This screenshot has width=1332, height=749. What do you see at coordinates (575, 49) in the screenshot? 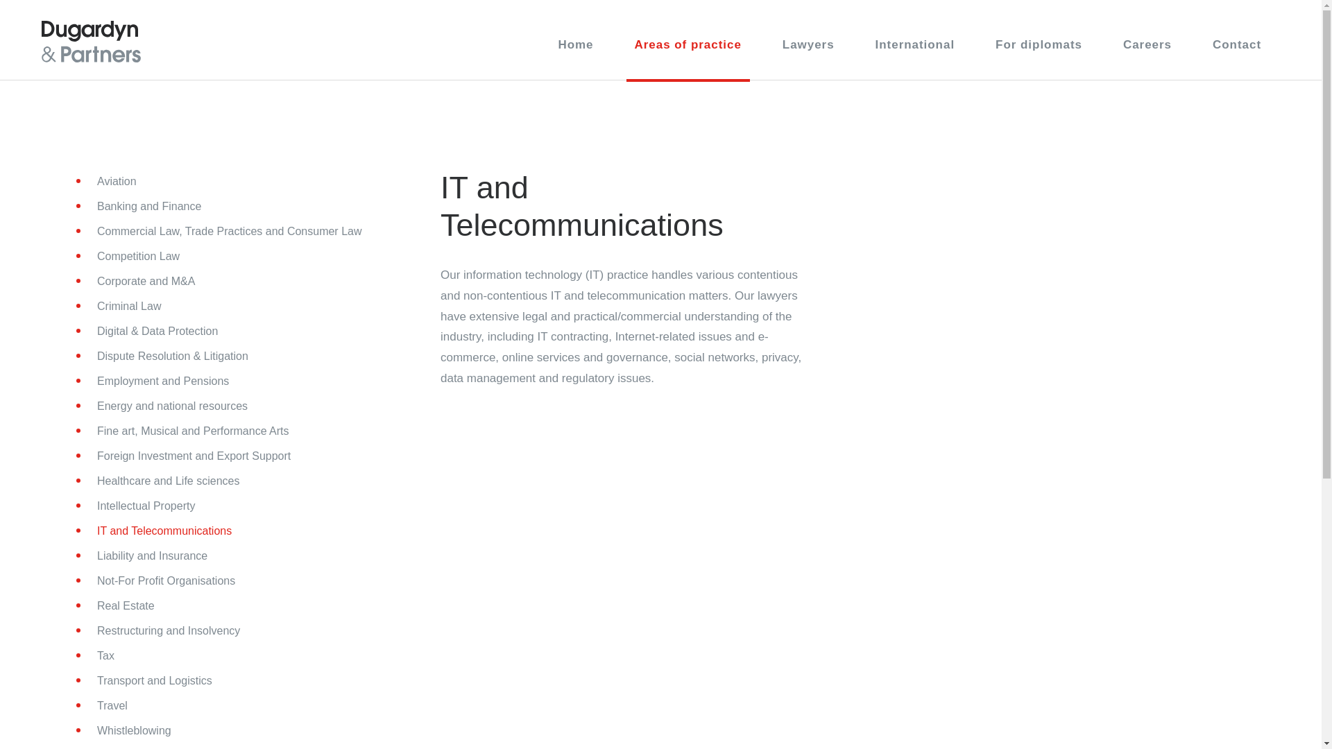
I see `'Home'` at bounding box center [575, 49].